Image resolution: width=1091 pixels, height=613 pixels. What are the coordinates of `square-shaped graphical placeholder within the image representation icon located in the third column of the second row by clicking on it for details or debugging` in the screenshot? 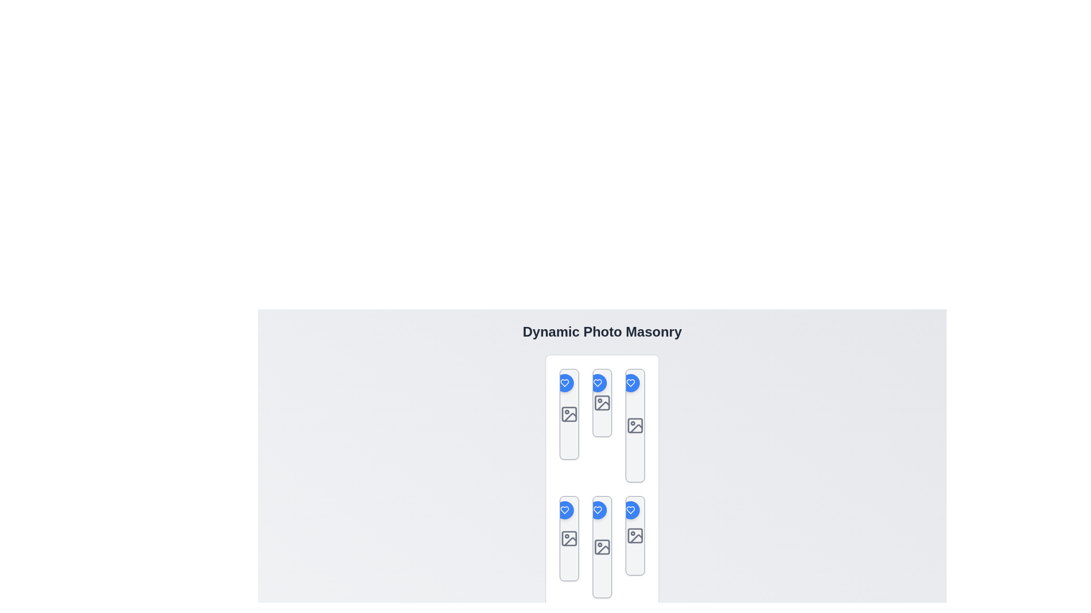 It's located at (635, 425).